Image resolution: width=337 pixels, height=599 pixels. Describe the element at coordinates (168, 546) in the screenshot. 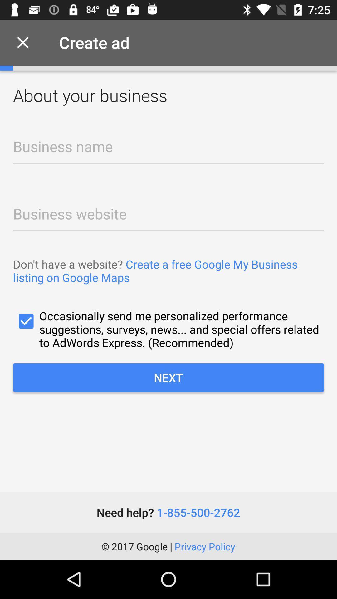

I see `icon below need help 1 item` at that location.